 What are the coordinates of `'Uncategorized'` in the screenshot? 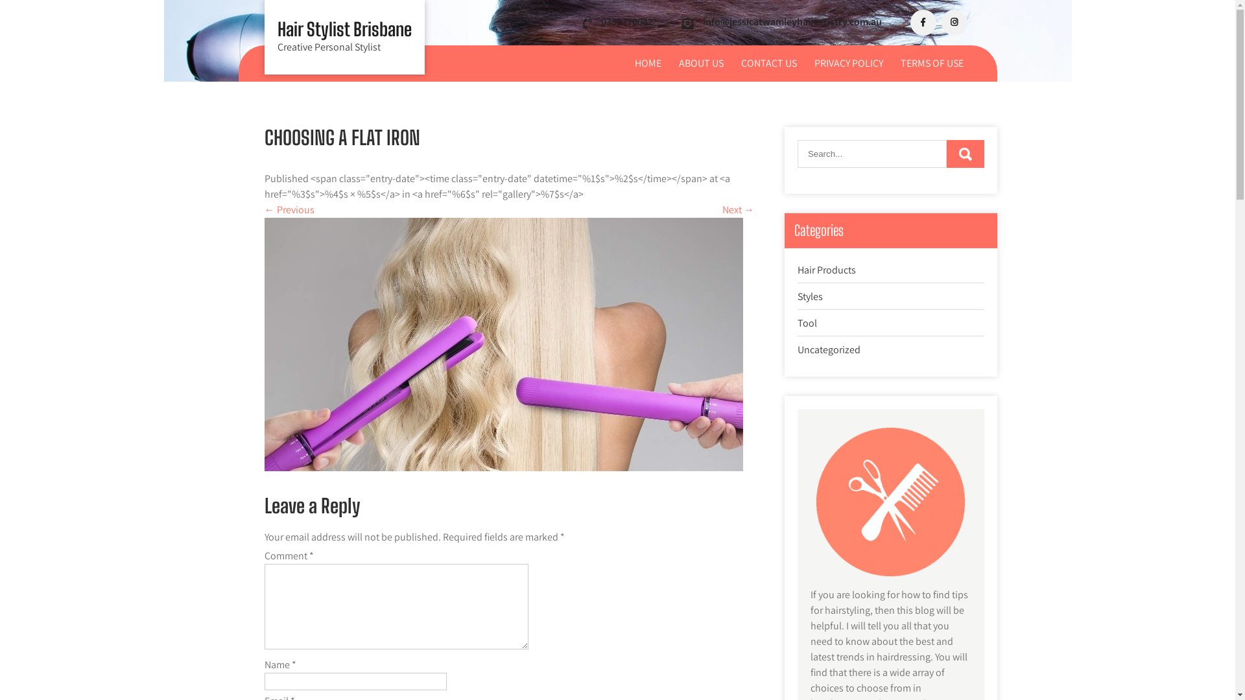 It's located at (828, 349).